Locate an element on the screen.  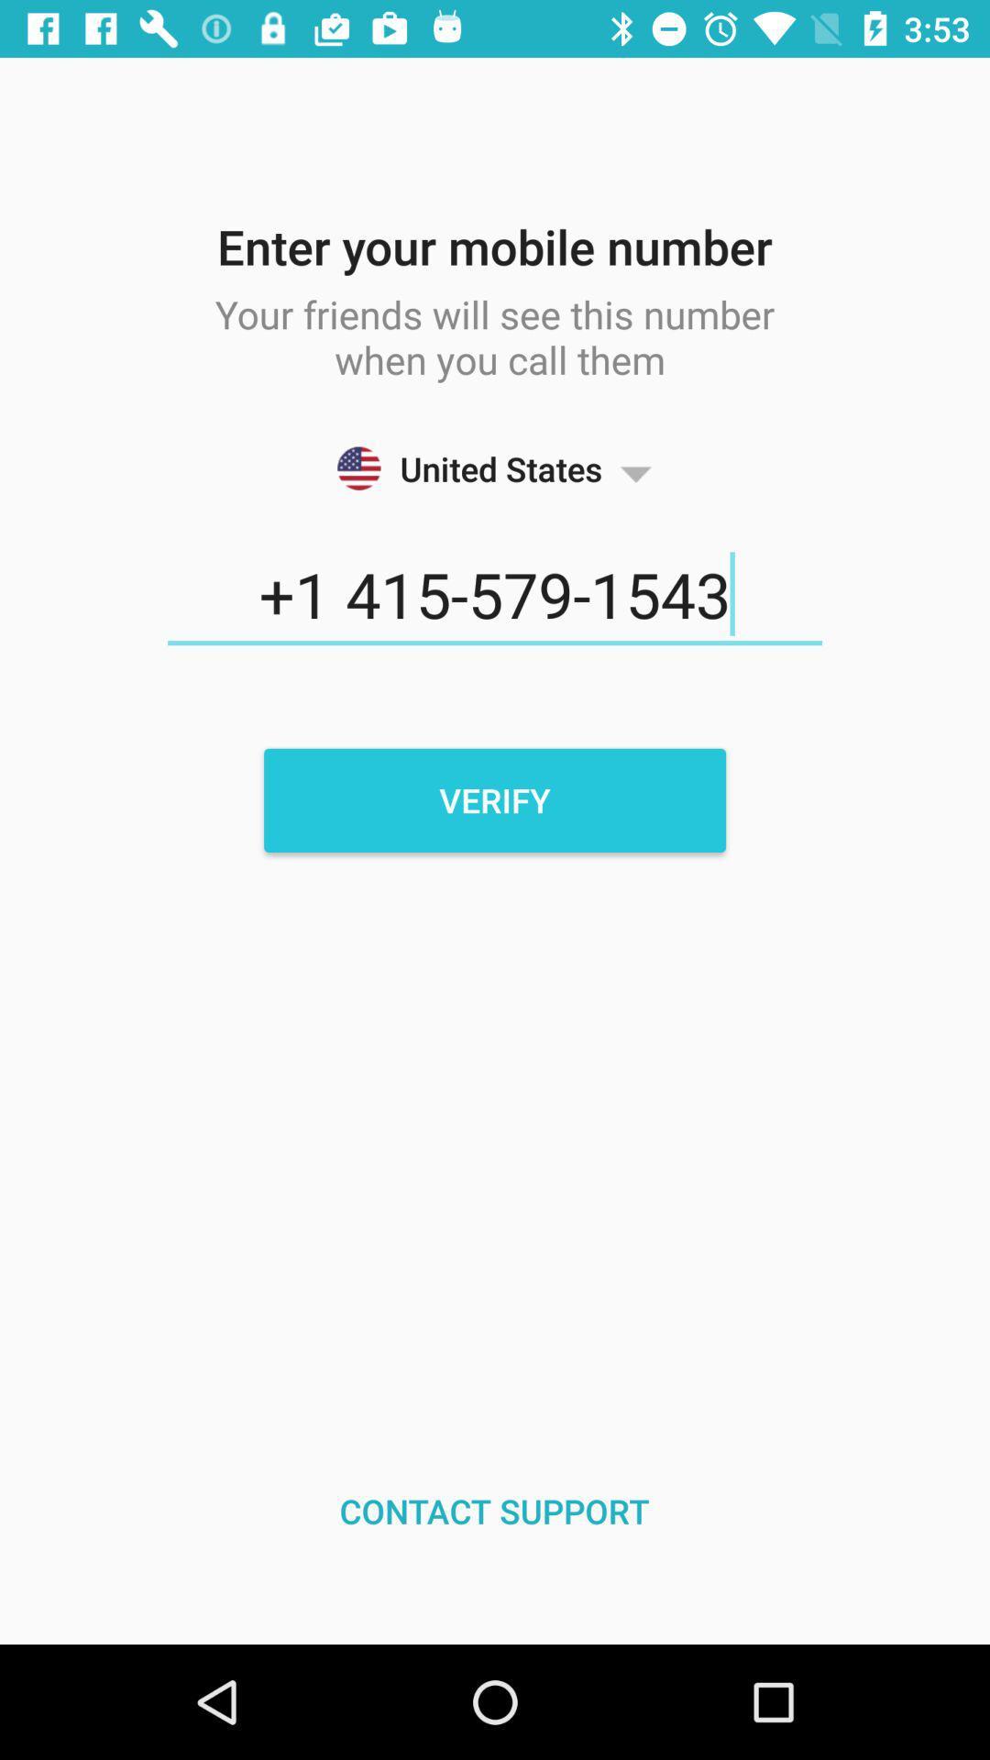
the item below the 1 415 579 is located at coordinates (495, 800).